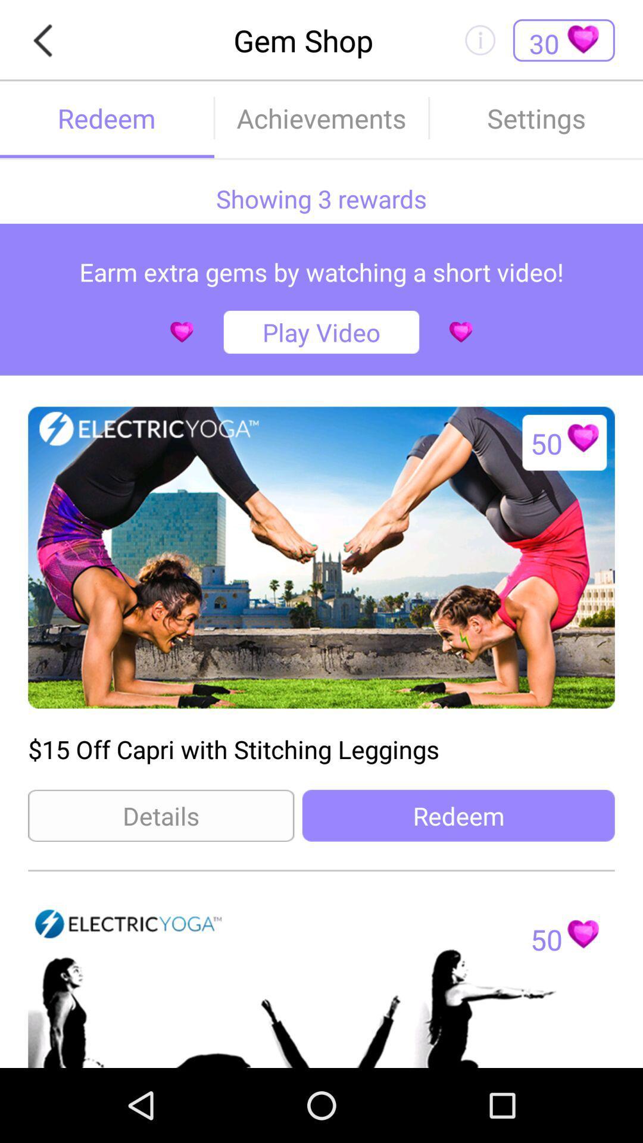 The image size is (643, 1143). What do you see at coordinates (46, 43) in the screenshot?
I see `the arrow_backward icon` at bounding box center [46, 43].